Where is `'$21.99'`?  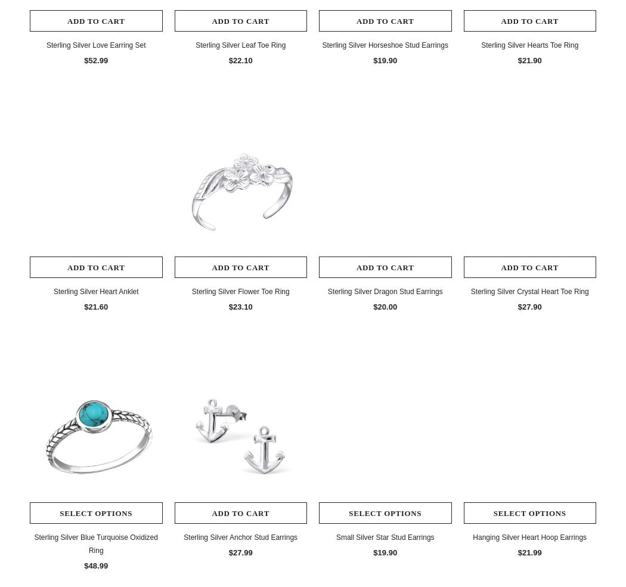
'$21.99' is located at coordinates (528, 552).